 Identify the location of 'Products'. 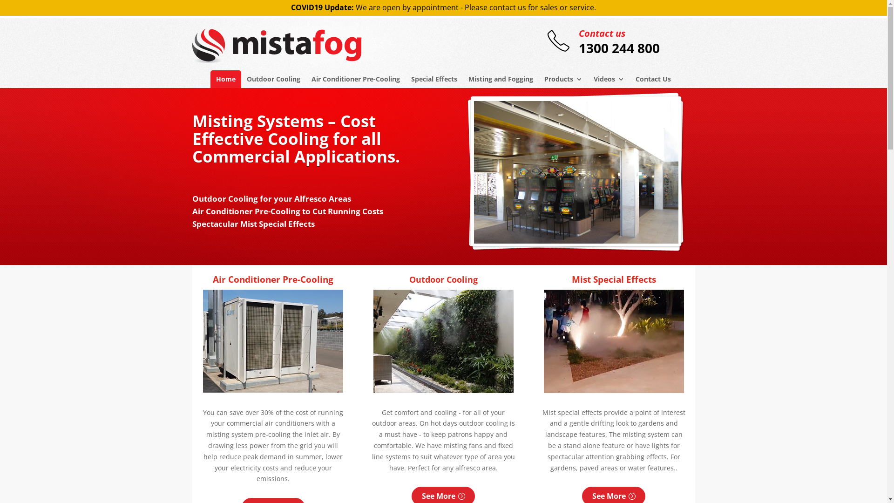
(562, 78).